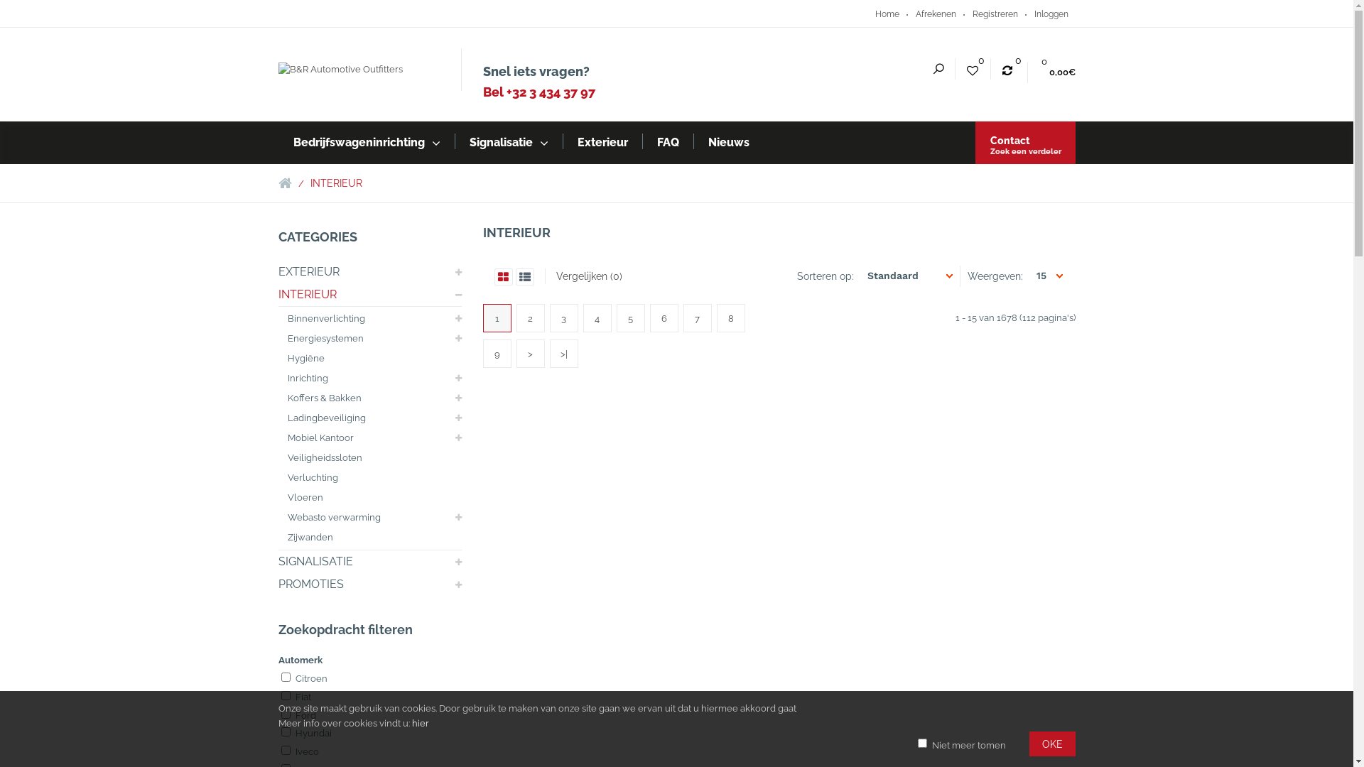 Image resolution: width=1364 pixels, height=767 pixels. What do you see at coordinates (602, 142) in the screenshot?
I see `'Exterieur'` at bounding box center [602, 142].